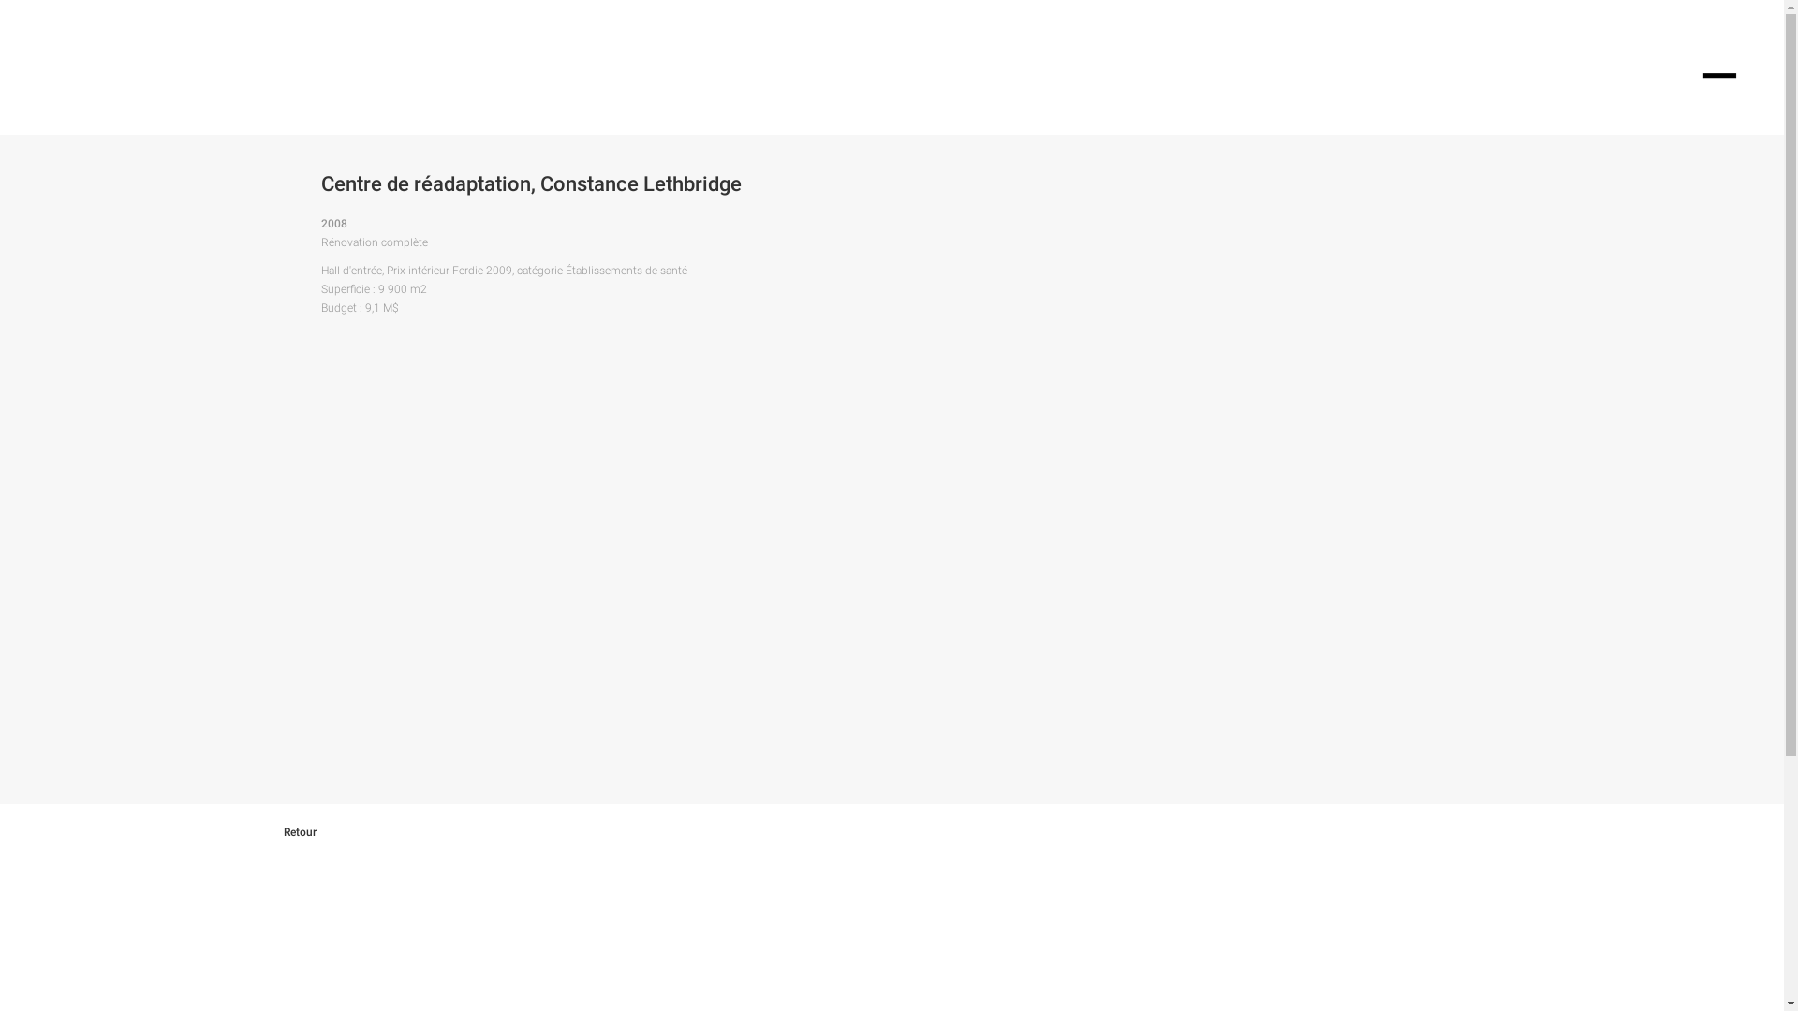  I want to click on 'Retour', so click(315, 830).